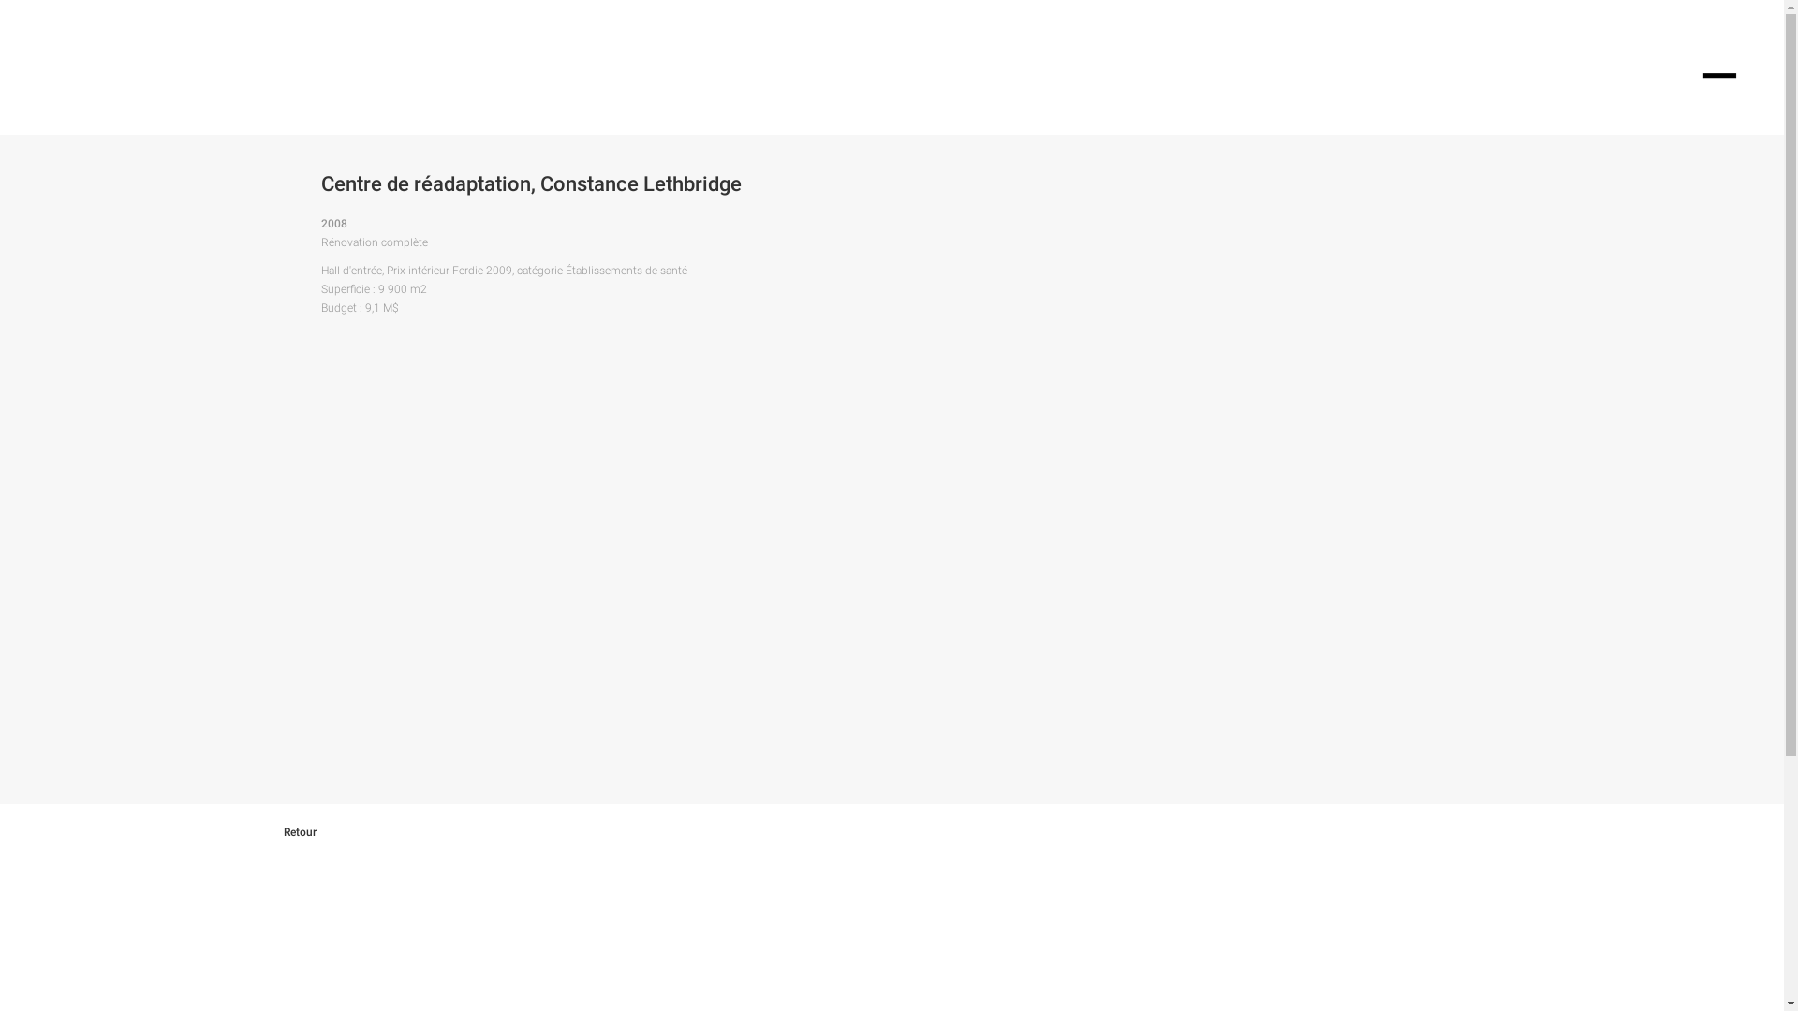  I want to click on 'Retour', so click(315, 830).